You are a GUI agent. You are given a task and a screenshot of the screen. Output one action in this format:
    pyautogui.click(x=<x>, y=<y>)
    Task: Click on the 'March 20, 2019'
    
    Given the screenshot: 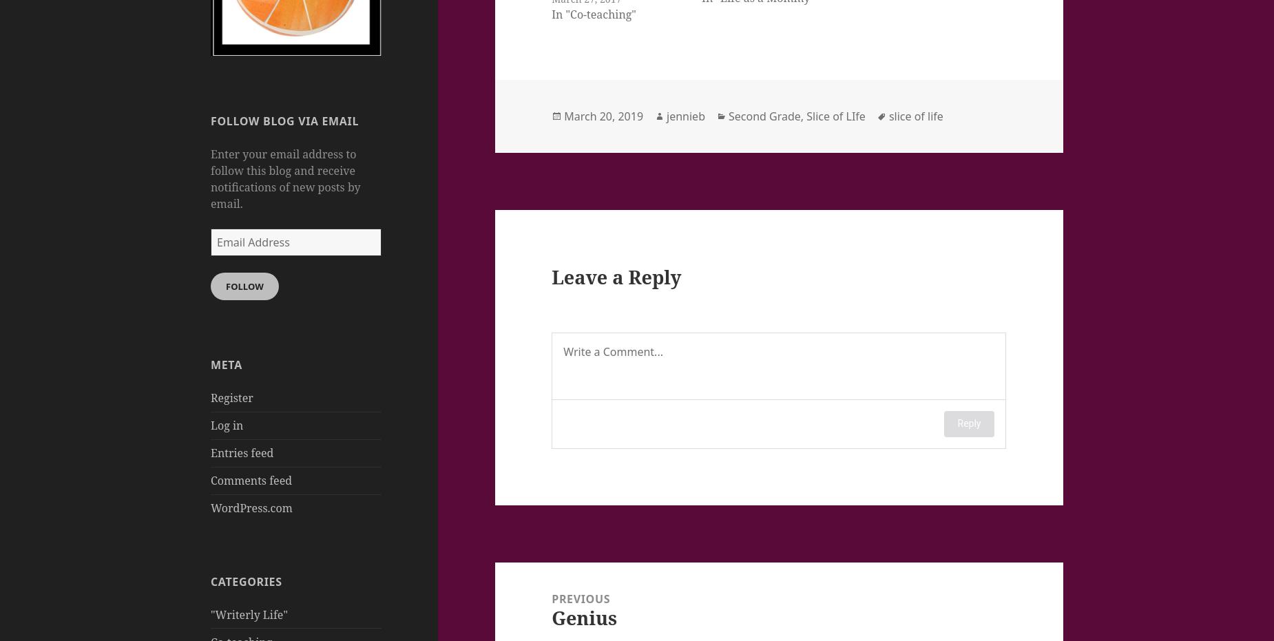 What is the action you would take?
    pyautogui.click(x=603, y=115)
    